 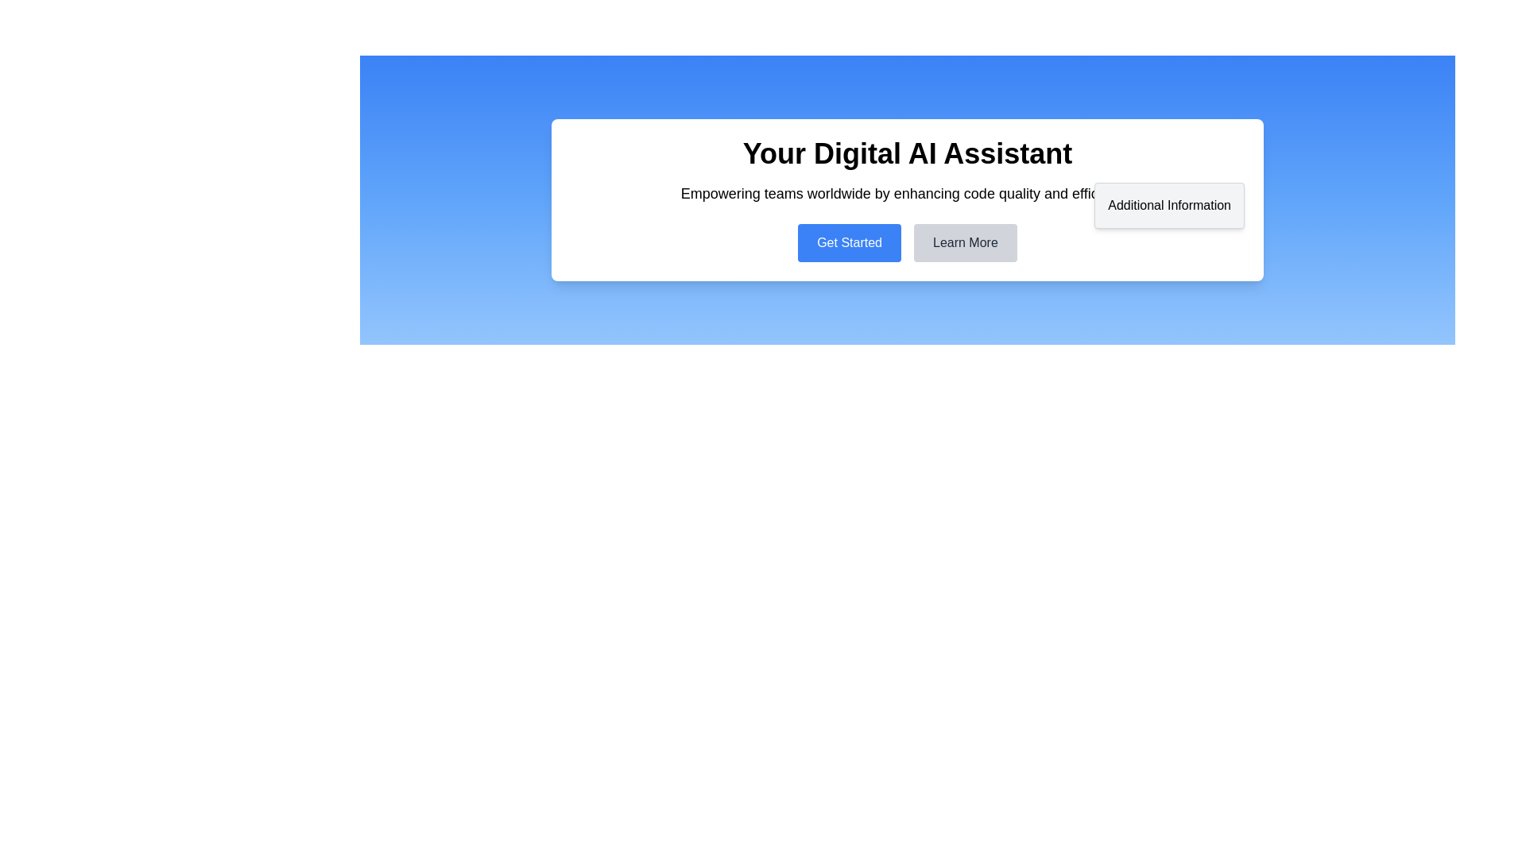 I want to click on the 'Get Started' button, so click(x=849, y=242).